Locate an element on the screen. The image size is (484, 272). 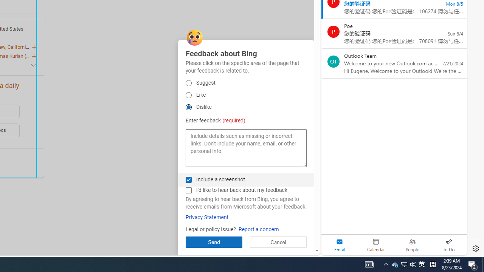
'I' is located at coordinates (189, 190).